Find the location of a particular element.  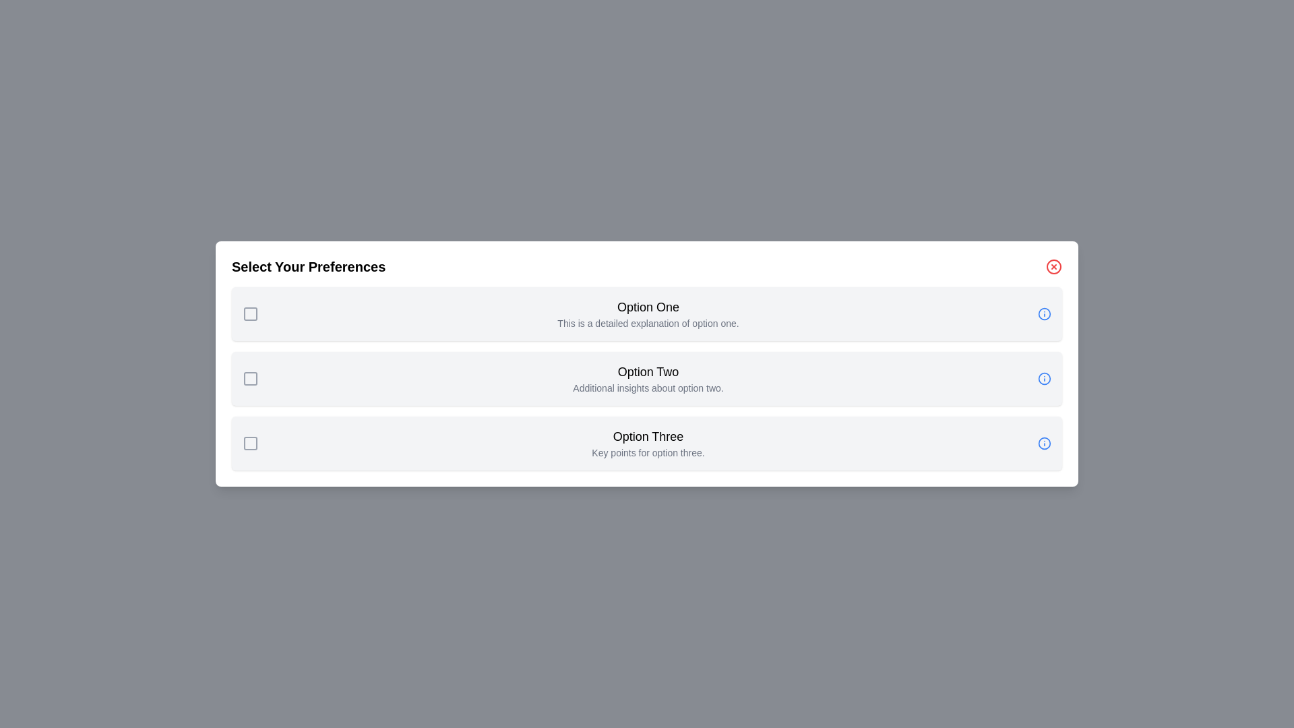

the text label displaying 'Option Two', which is a bold, larger font style and is the primary heading text in the middle segment of a list of three options is located at coordinates (648, 371).